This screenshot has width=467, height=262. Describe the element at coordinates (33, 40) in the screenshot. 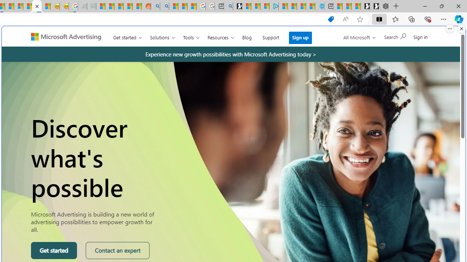

I see `'Create images, get help with writing, and search faster'` at that location.